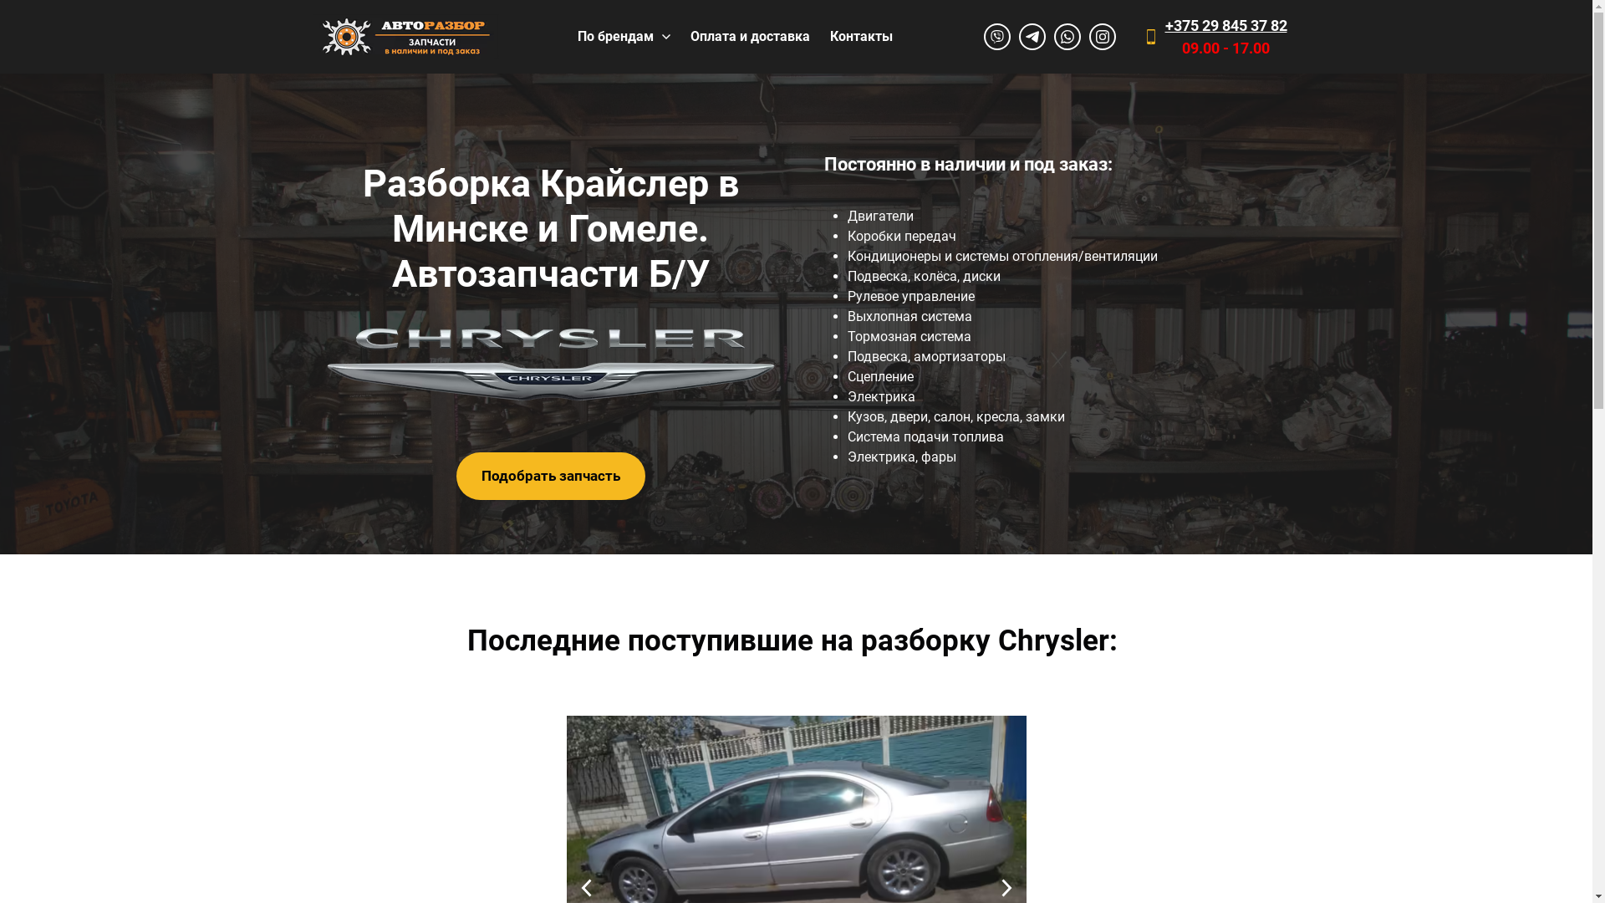 The image size is (1605, 903). Describe the element at coordinates (1164, 25) in the screenshot. I see `'+375 29 845 37 82'` at that location.